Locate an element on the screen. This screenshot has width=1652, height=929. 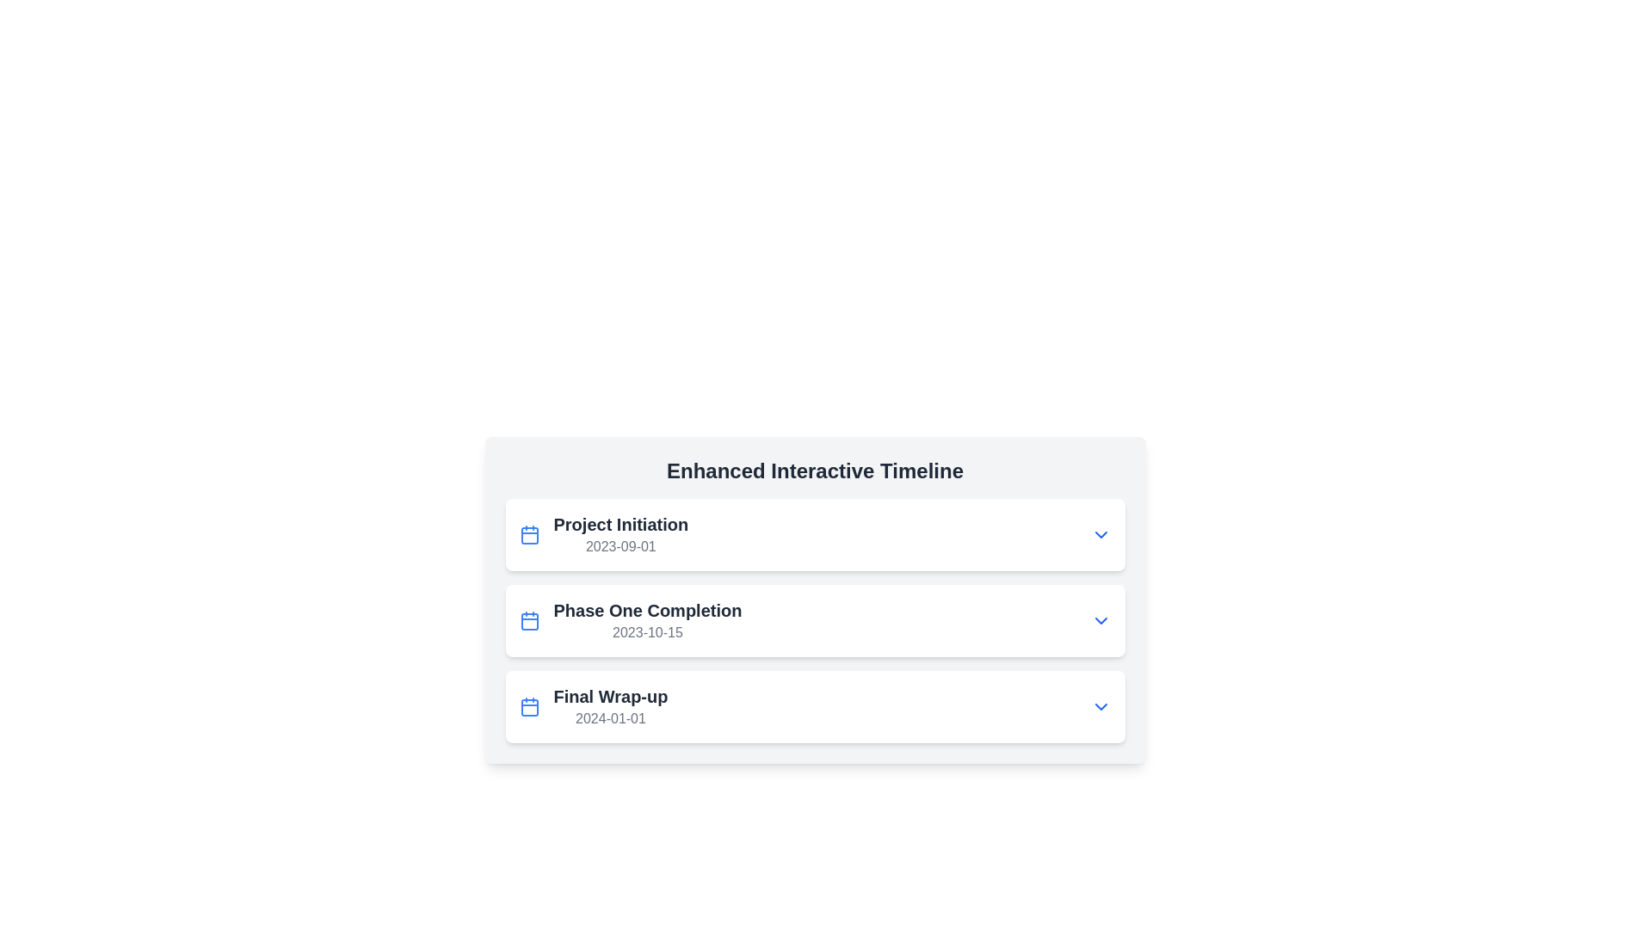
the 'Phase One Completion' informational card is located at coordinates (814, 600).